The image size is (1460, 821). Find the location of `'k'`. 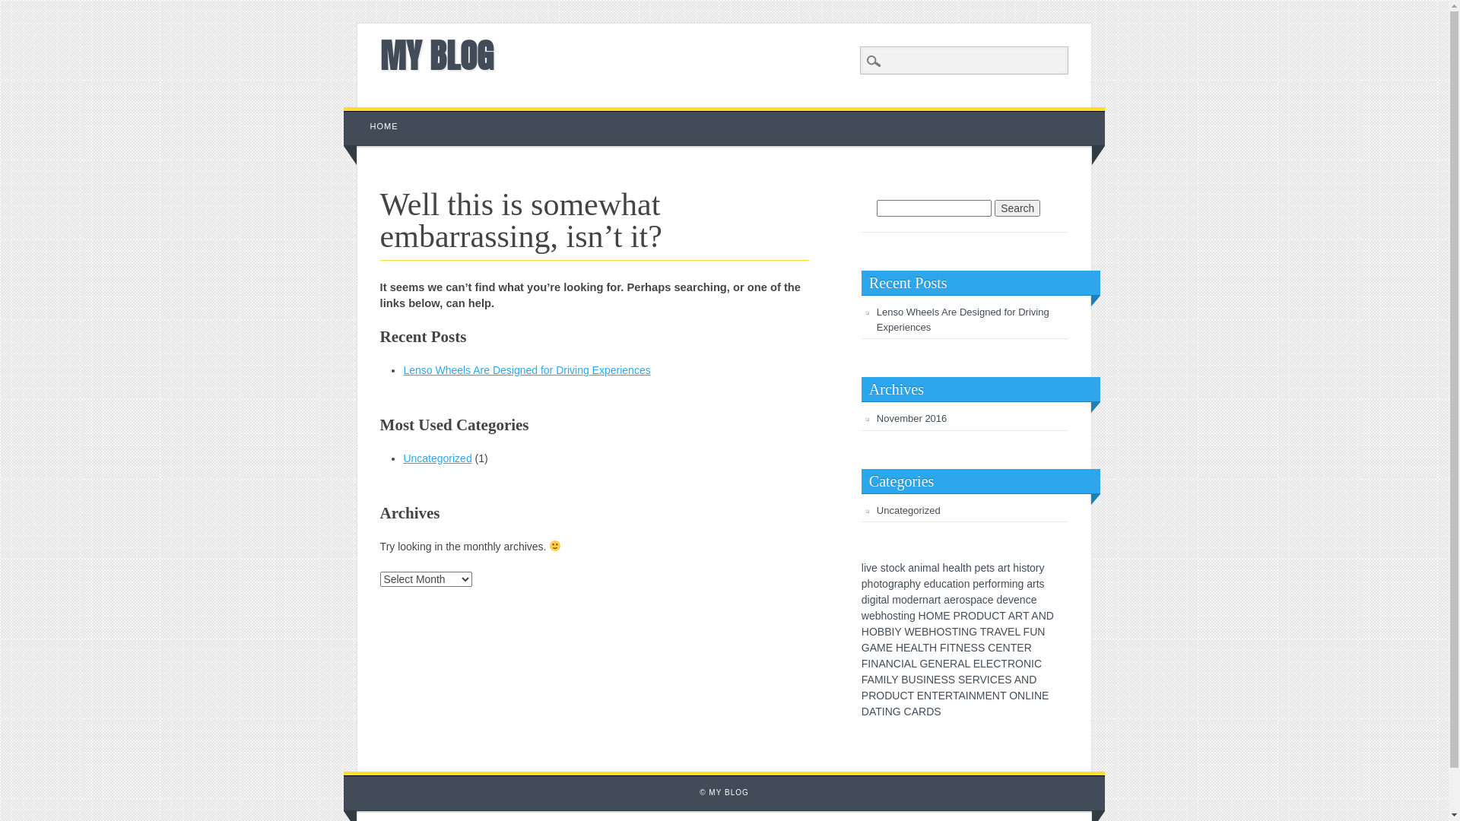

'k' is located at coordinates (902, 568).